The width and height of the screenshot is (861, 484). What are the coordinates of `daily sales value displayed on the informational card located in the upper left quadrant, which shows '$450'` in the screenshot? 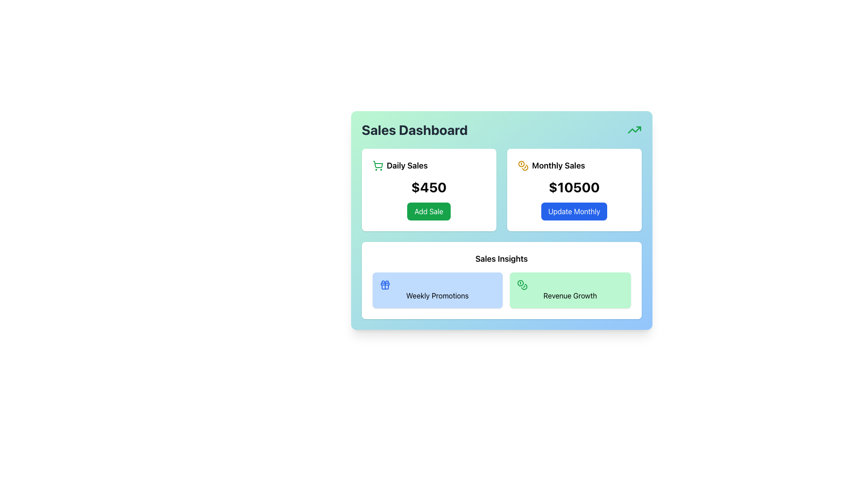 It's located at (428, 190).